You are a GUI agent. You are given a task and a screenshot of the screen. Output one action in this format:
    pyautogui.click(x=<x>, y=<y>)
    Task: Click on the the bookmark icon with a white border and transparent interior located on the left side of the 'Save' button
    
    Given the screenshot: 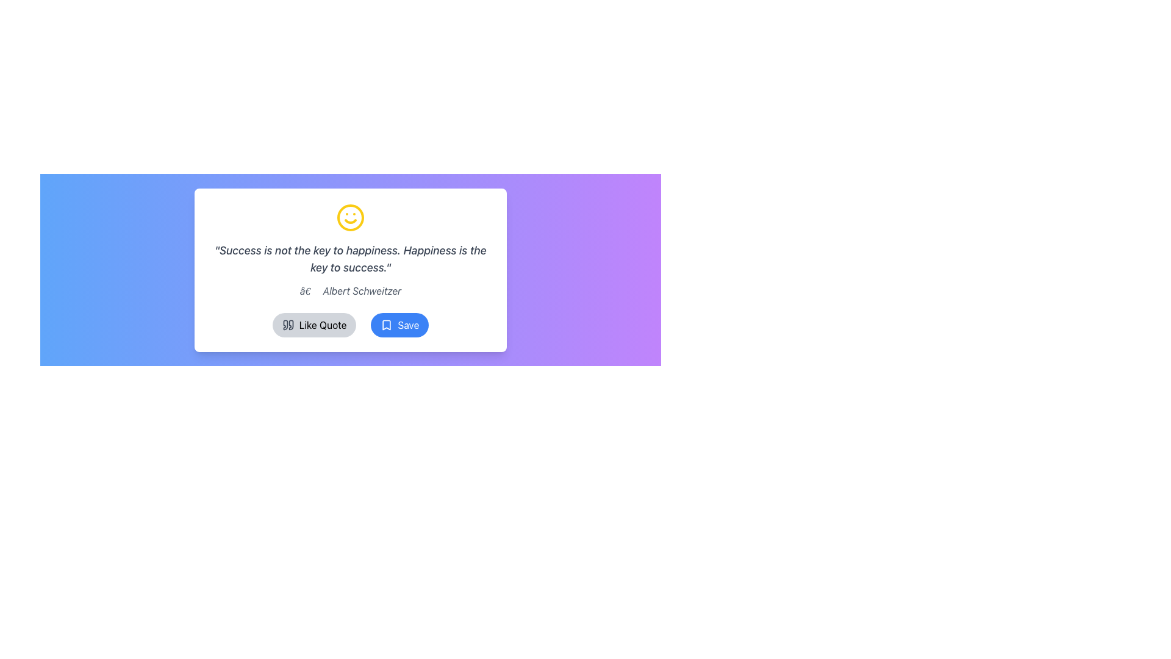 What is the action you would take?
    pyautogui.click(x=385, y=324)
    